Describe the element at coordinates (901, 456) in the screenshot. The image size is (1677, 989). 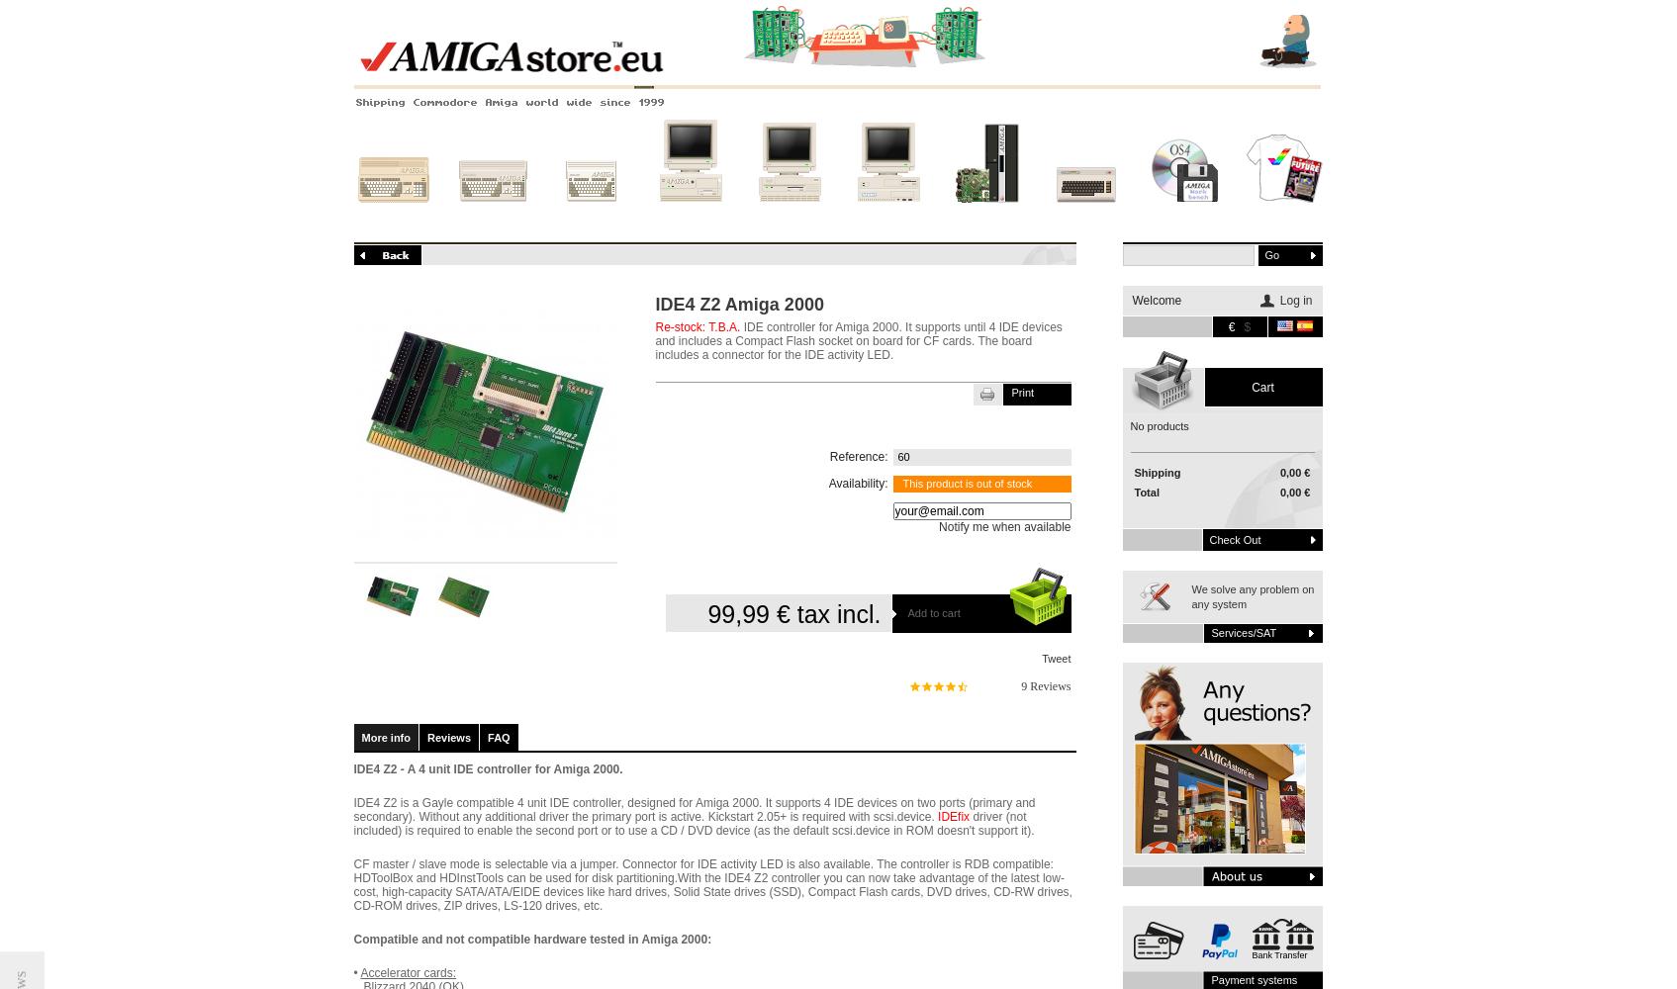
I see `'60'` at that location.